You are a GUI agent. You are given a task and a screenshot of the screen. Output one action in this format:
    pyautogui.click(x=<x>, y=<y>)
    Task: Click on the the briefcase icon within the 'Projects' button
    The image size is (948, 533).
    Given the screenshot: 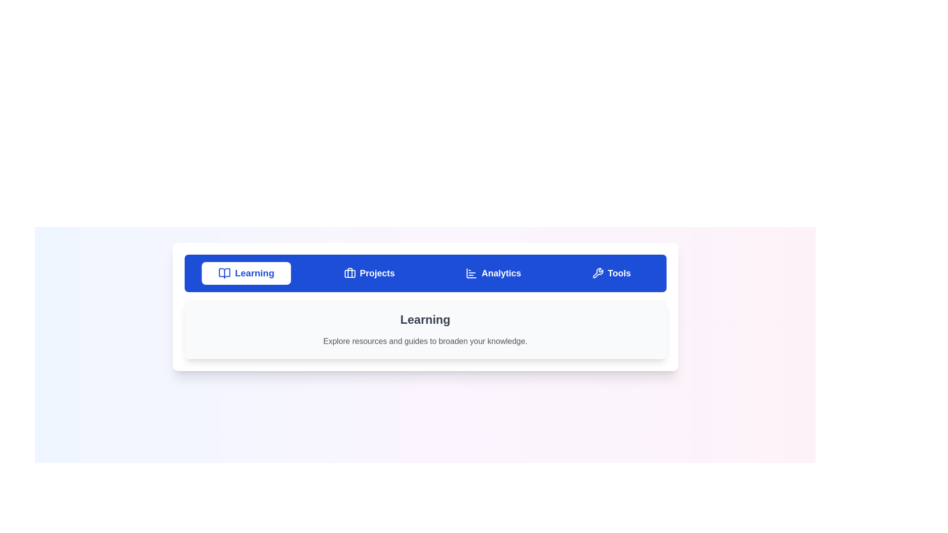 What is the action you would take?
    pyautogui.click(x=350, y=273)
    